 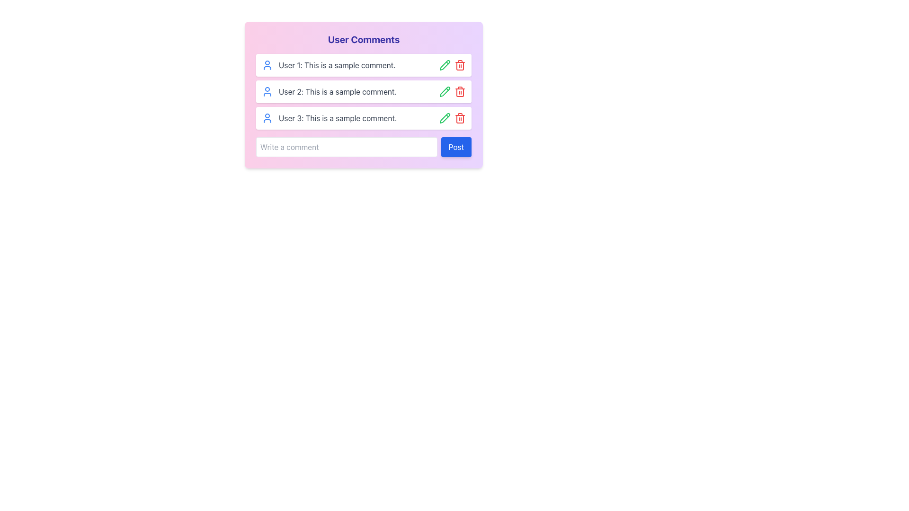 I want to click on the first green pencil icon button on the right side of the row for 'User 1: This is a sample comment' to initiate editing, so click(x=445, y=65).